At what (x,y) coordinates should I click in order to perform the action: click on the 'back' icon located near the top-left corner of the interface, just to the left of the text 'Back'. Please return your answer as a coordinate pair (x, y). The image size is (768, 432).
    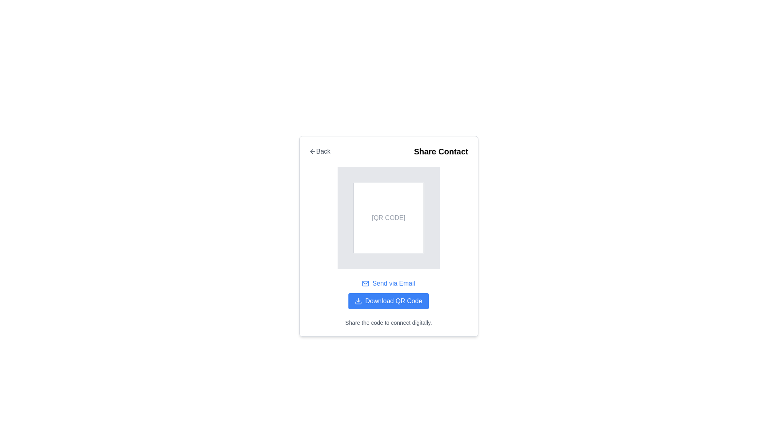
    Looking at the image, I should click on (312, 151).